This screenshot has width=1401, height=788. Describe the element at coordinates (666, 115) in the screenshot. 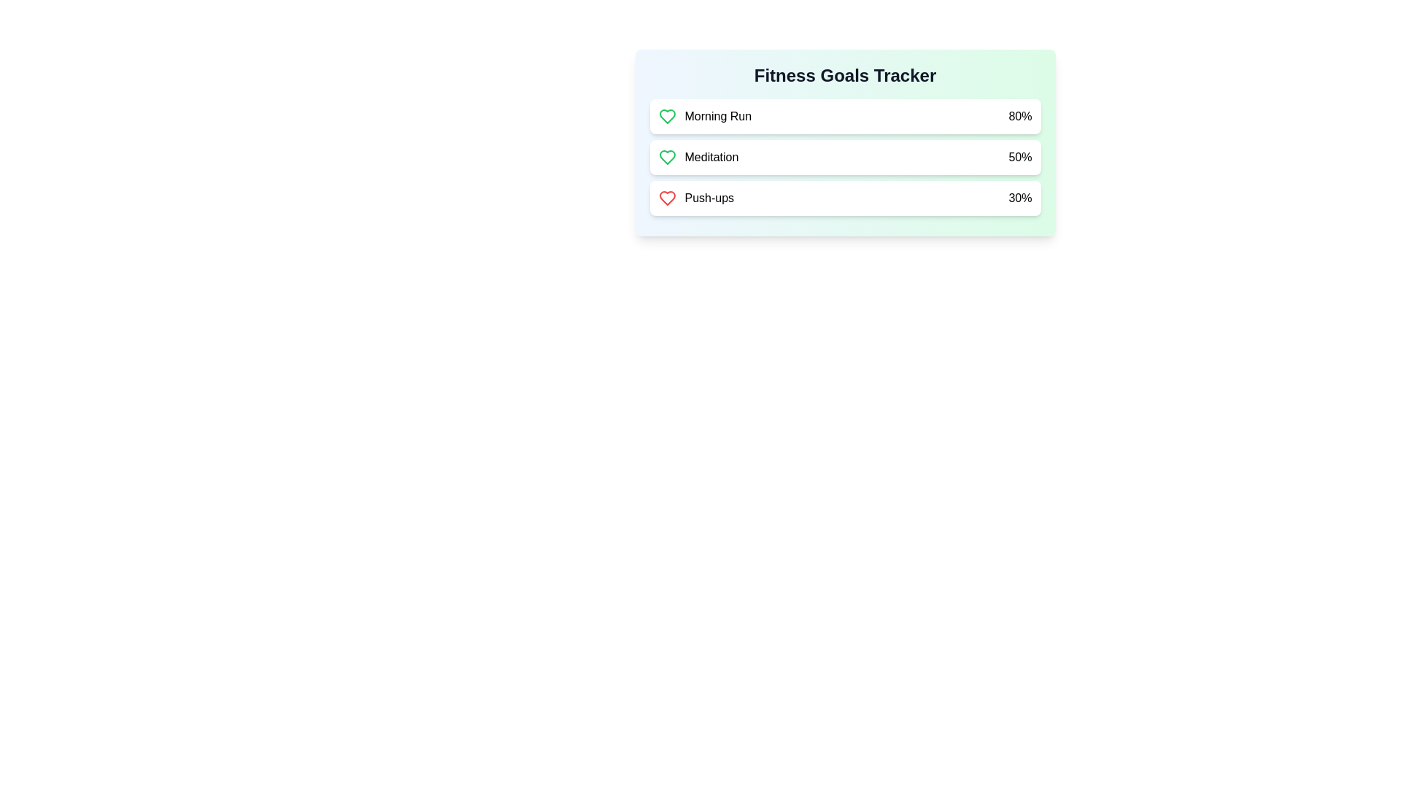

I see `the heart-shaped icon representing 'Morning Run'` at that location.